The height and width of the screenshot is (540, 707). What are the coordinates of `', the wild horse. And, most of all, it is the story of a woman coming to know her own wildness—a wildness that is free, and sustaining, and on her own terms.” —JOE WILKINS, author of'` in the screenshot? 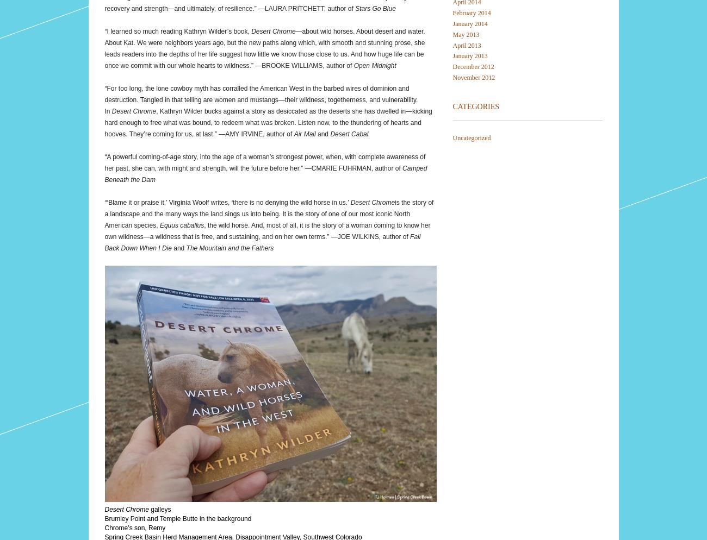 It's located at (267, 230).